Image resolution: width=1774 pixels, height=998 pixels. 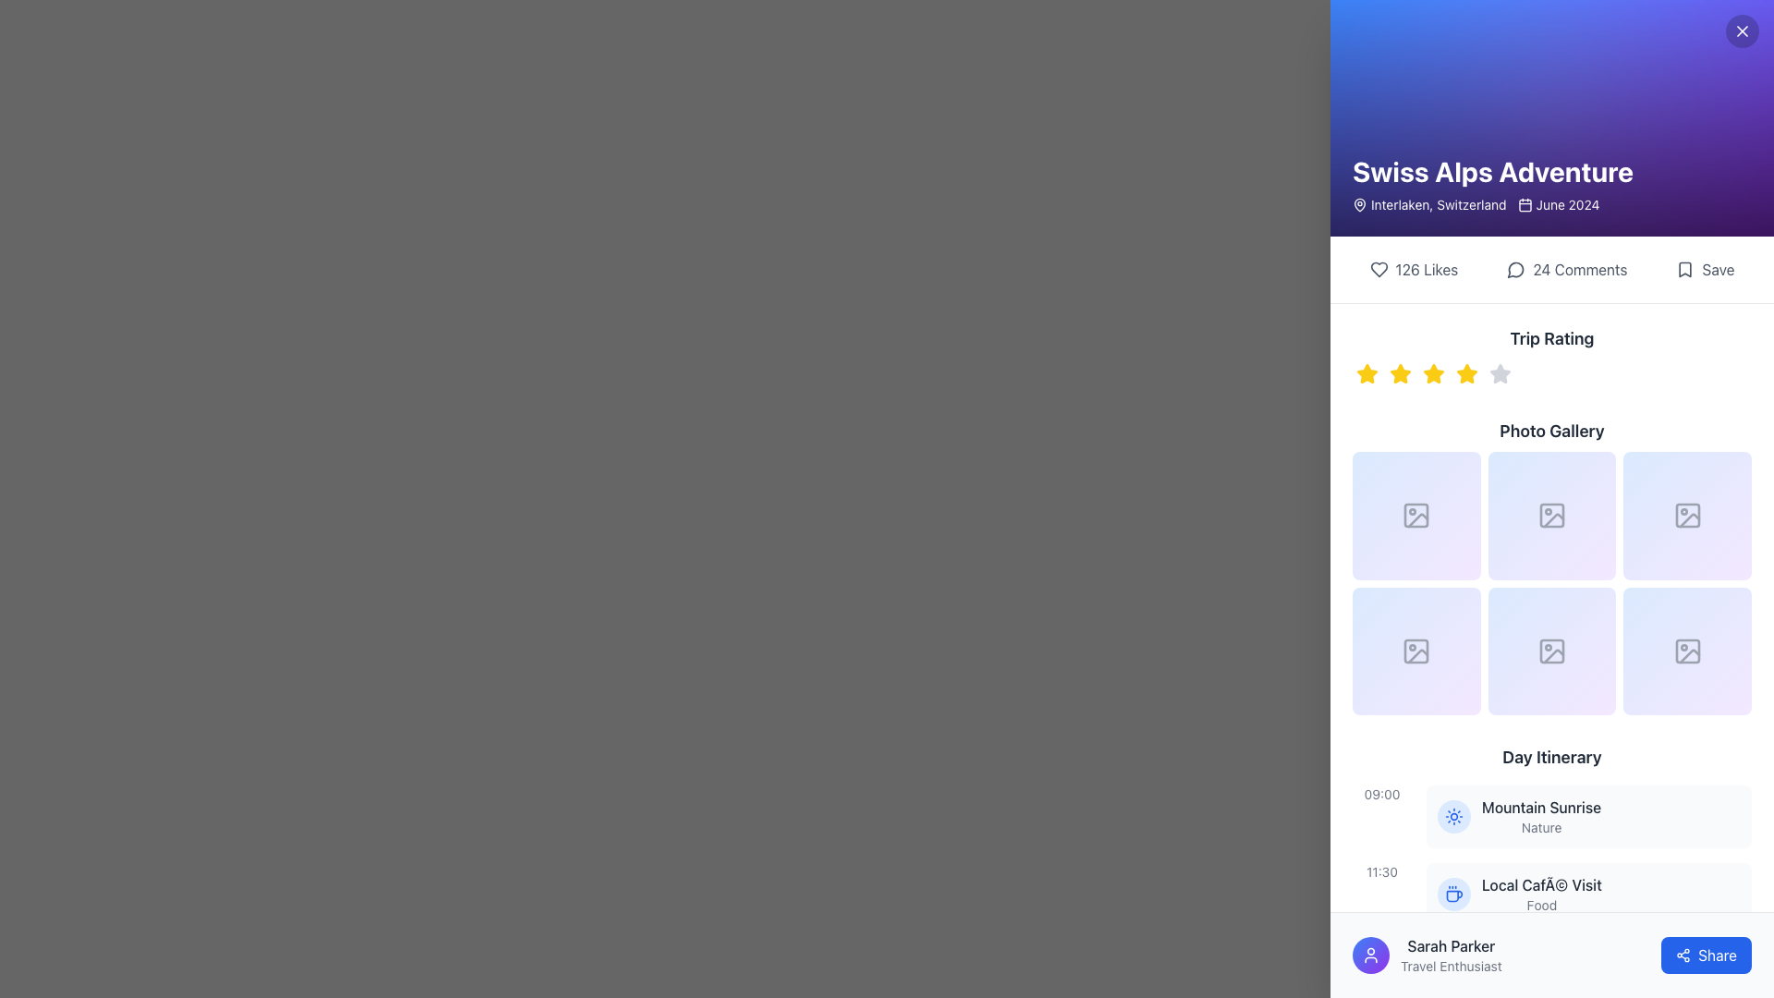 I want to click on the second star icon in the horizontal row of five icons, located below the 'Trip Rating' label, so click(x=1401, y=374).